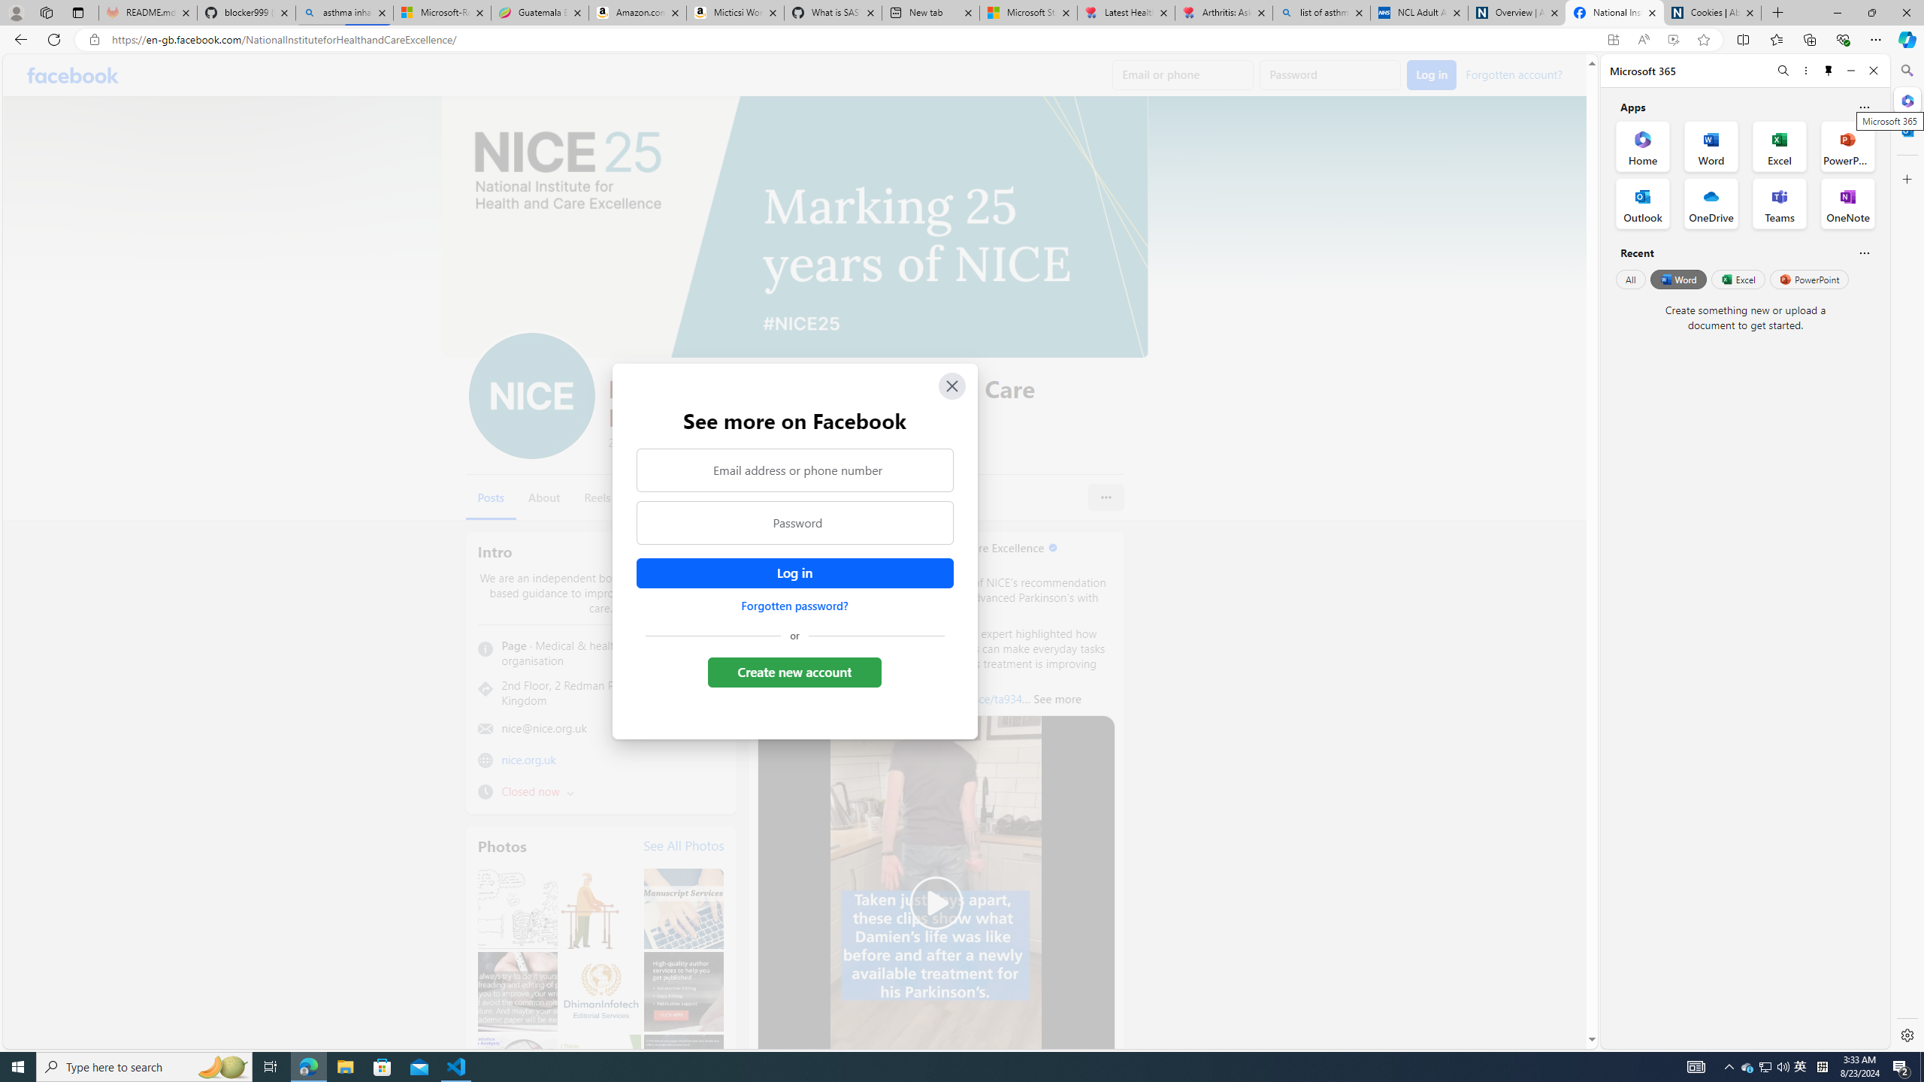 The width and height of the screenshot is (1924, 1082). I want to click on 'OneNote Office App', so click(1847, 204).